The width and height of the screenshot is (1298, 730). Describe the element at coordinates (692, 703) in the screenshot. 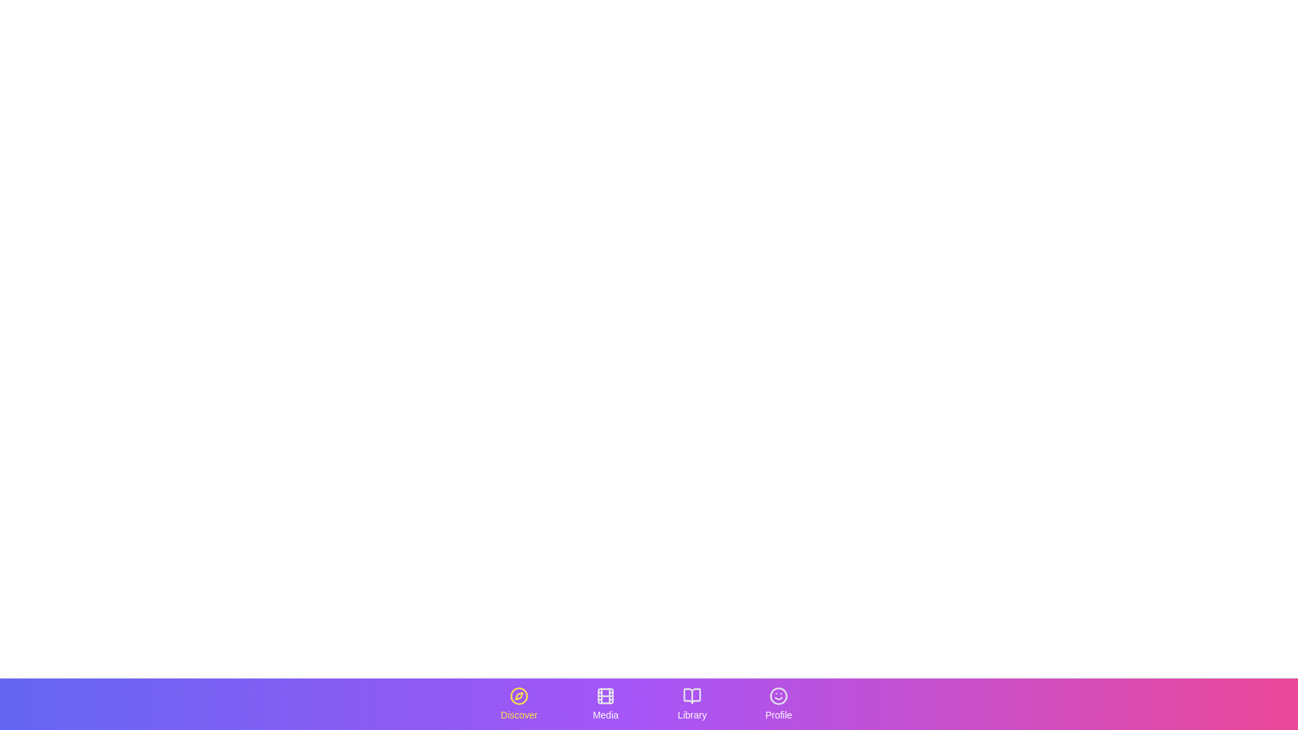

I see `the tab labeled Library to observe the hover animation effect` at that location.